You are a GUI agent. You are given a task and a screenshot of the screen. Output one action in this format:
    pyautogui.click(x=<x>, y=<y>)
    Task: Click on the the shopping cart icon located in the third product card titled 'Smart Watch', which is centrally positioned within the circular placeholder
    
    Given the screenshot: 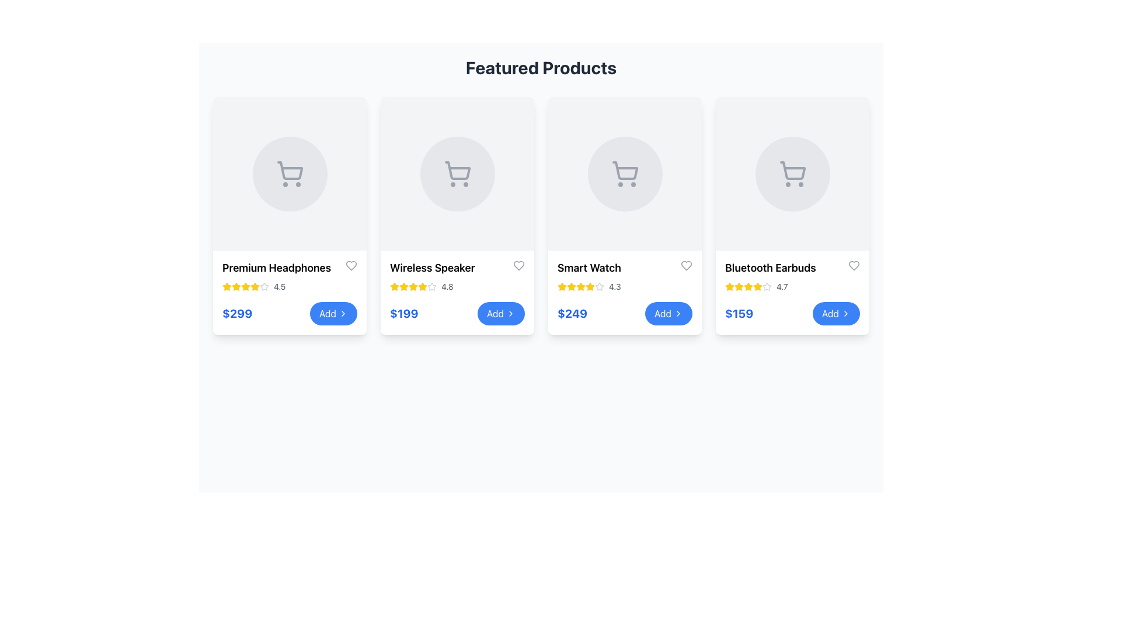 What is the action you would take?
    pyautogui.click(x=624, y=170)
    